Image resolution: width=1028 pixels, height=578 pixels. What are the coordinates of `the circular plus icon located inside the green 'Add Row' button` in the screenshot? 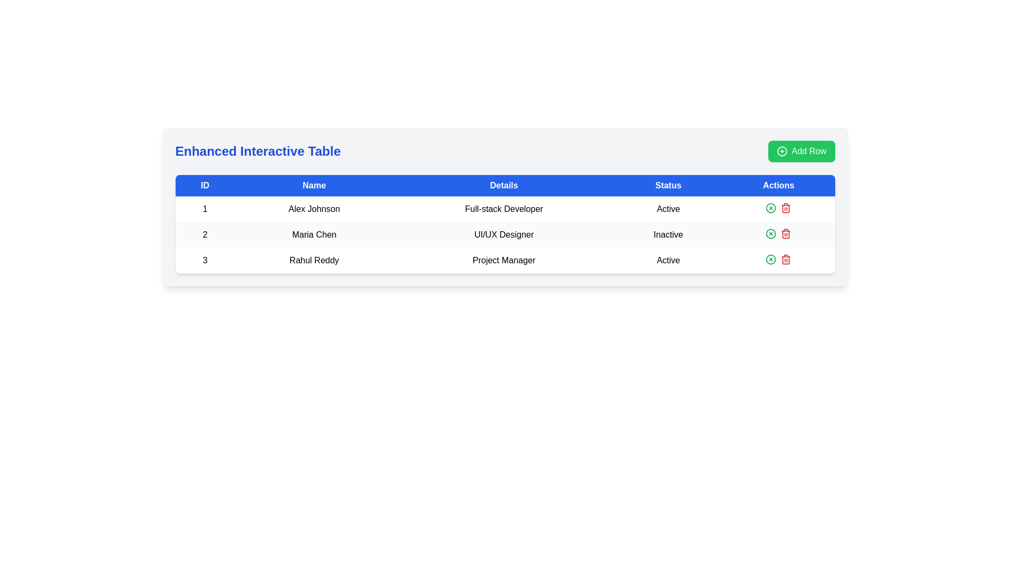 It's located at (782, 151).